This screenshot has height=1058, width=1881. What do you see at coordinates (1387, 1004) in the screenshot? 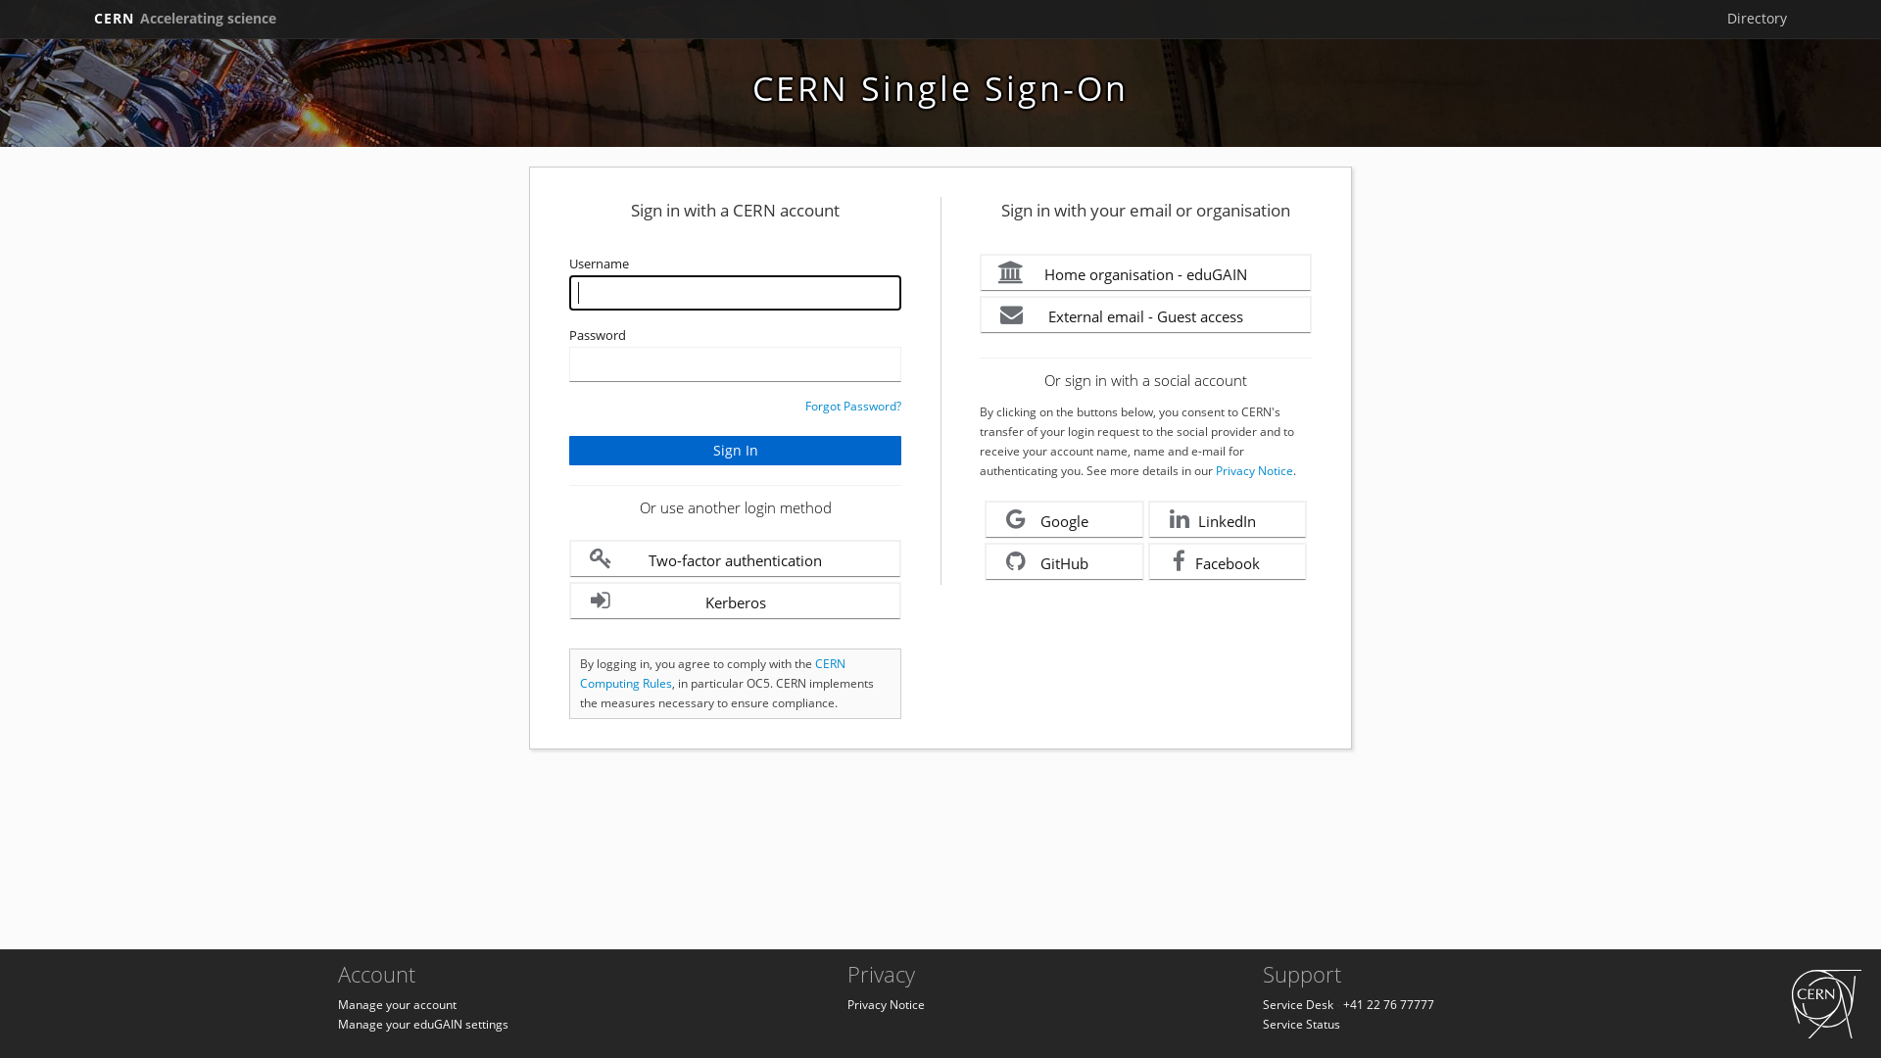
I see `'+41 22 76 77777'` at bounding box center [1387, 1004].